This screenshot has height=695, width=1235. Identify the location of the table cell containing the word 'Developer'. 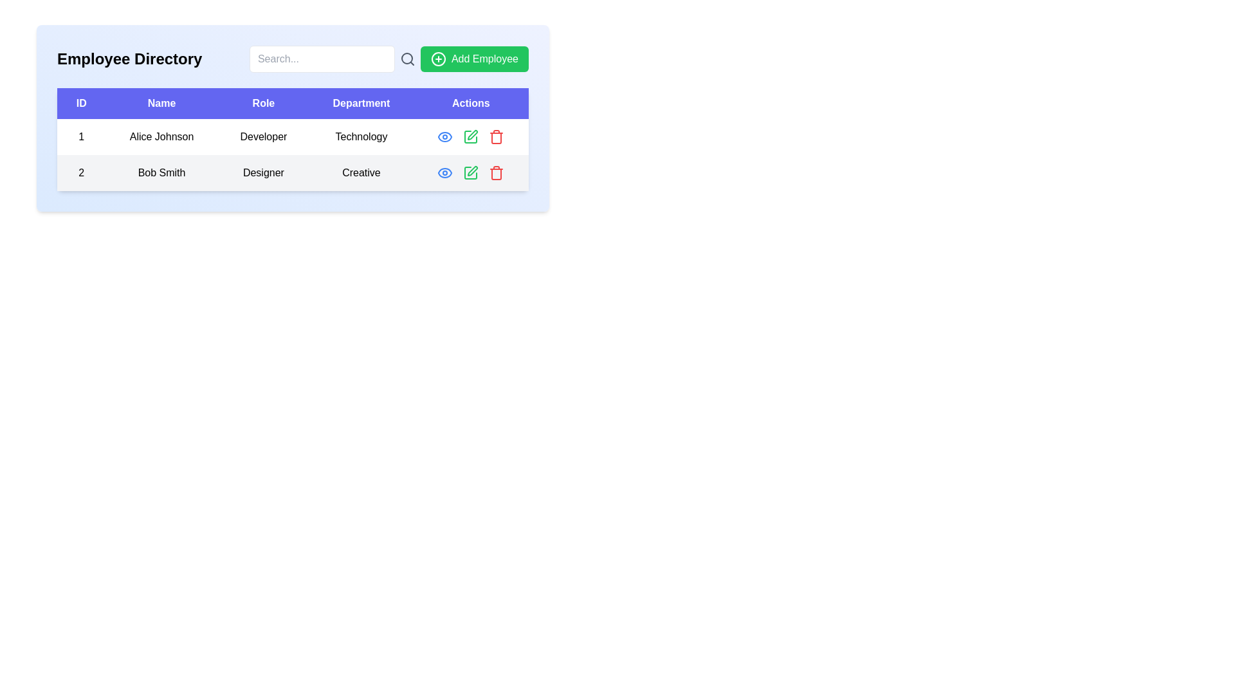
(262, 136).